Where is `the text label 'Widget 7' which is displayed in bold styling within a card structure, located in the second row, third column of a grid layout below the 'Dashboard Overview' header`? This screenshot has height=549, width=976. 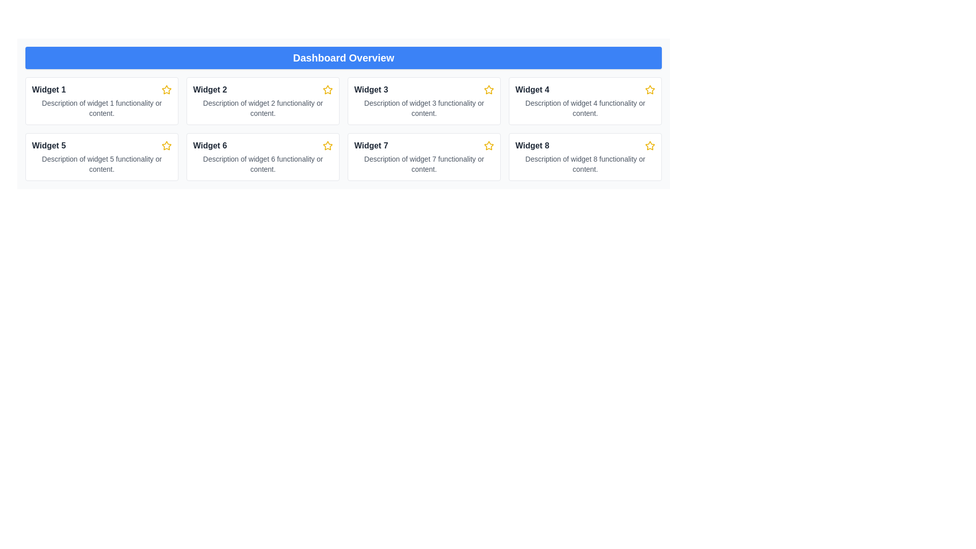
the text label 'Widget 7' which is displayed in bold styling within a card structure, located in the second row, third column of a grid layout below the 'Dashboard Overview' header is located at coordinates (371, 145).